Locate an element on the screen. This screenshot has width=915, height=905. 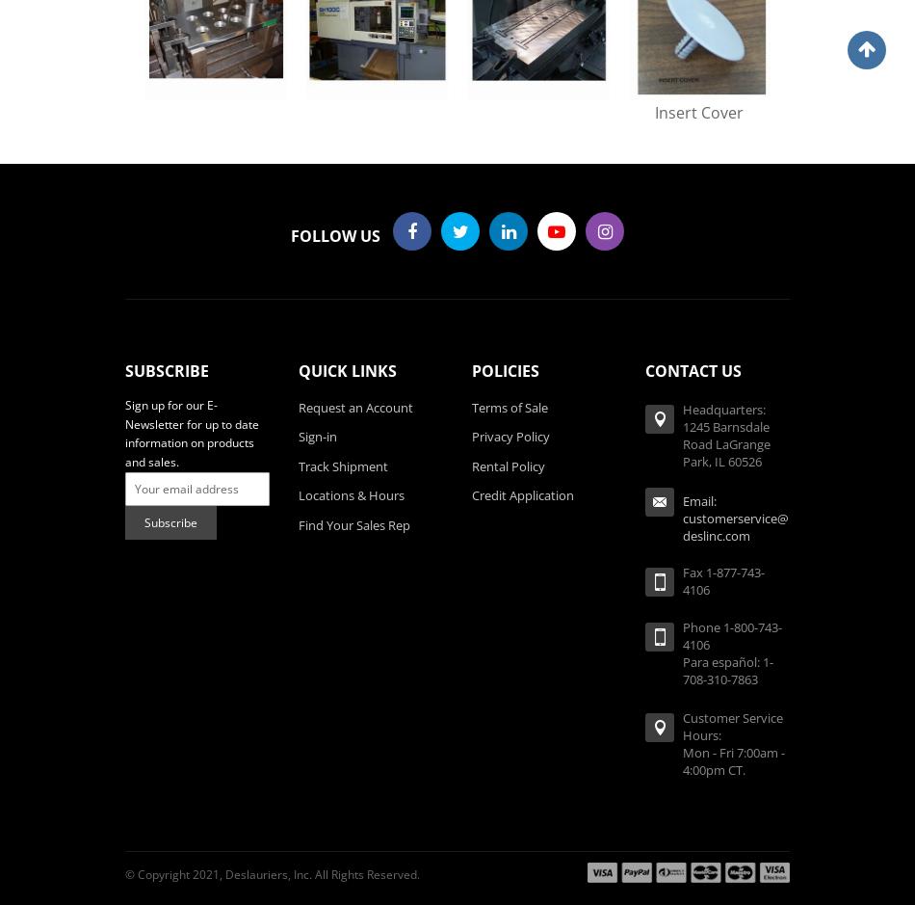
'Rental Policy' is located at coordinates (472, 465).